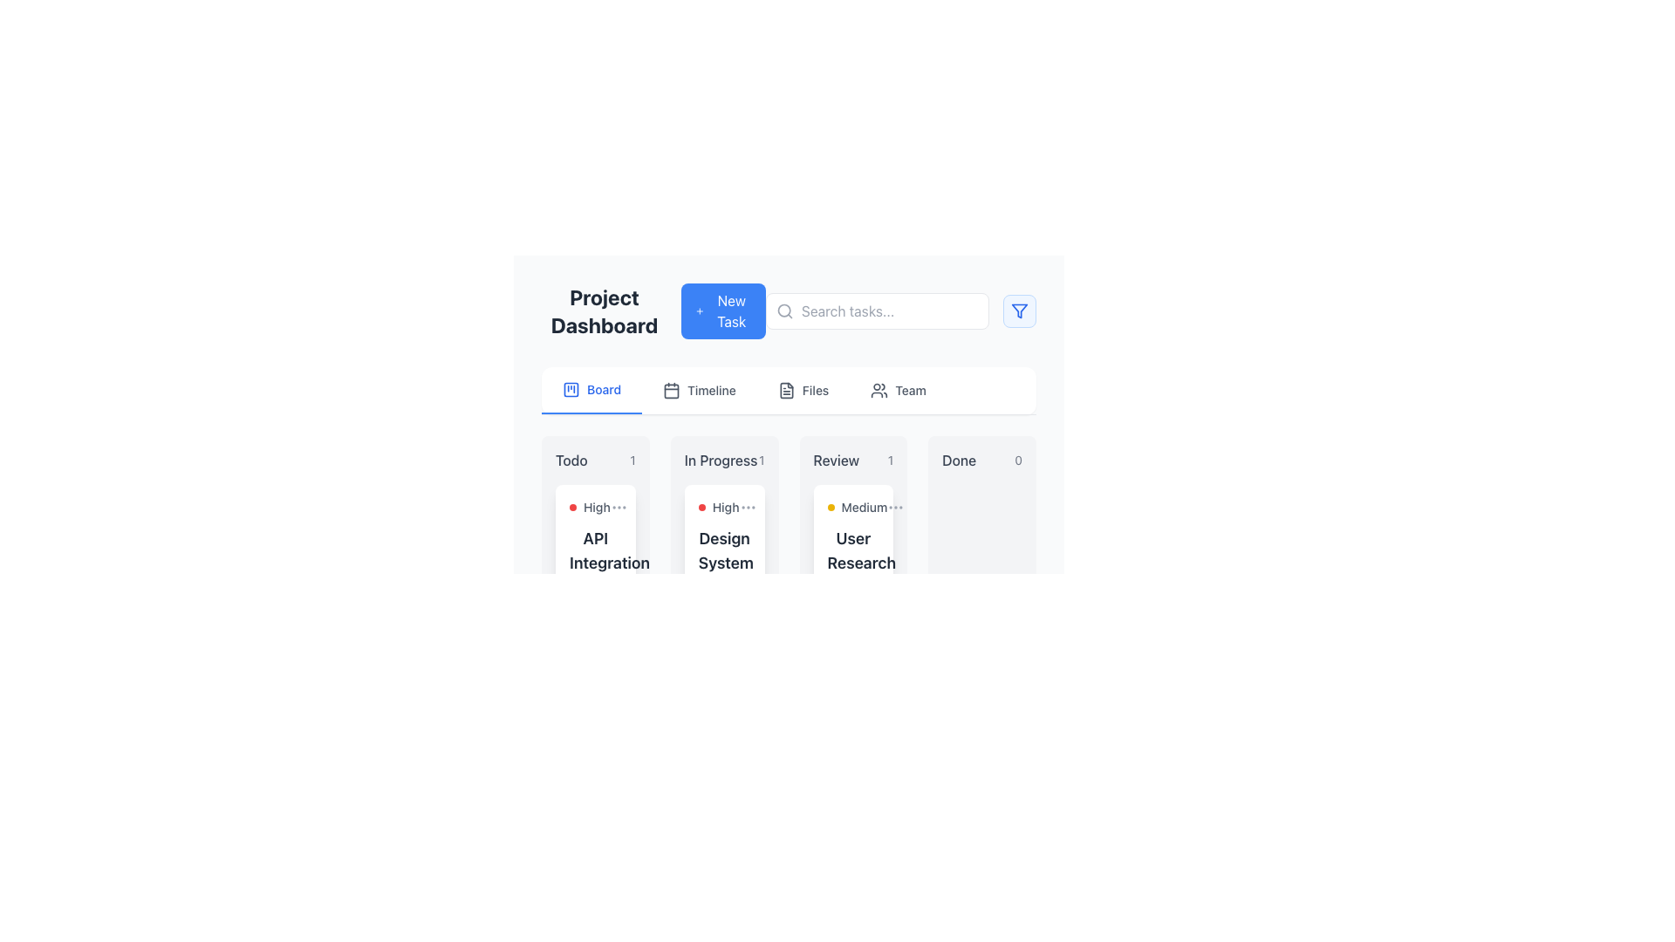  What do you see at coordinates (910, 389) in the screenshot?
I see `the 'Team' text label in the interactive button located in the top-right navigation menu` at bounding box center [910, 389].